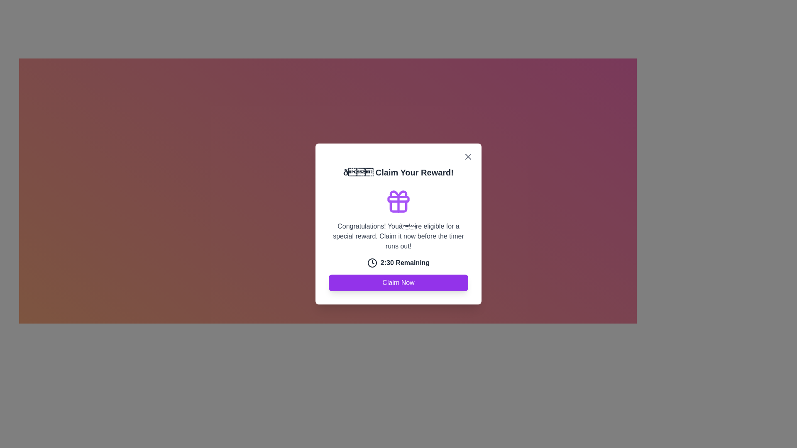  Describe the element at coordinates (398, 282) in the screenshot. I see `the 'Claim Reward' button located at the bottom of the modal window, beneath the countdown text '2:30 Remaining'` at that location.